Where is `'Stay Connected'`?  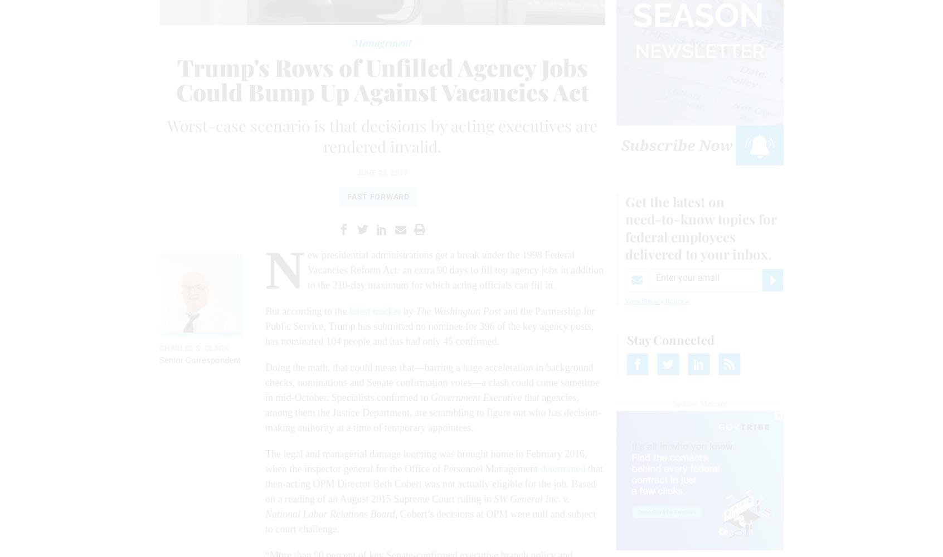 'Stay Connected' is located at coordinates (627, 339).